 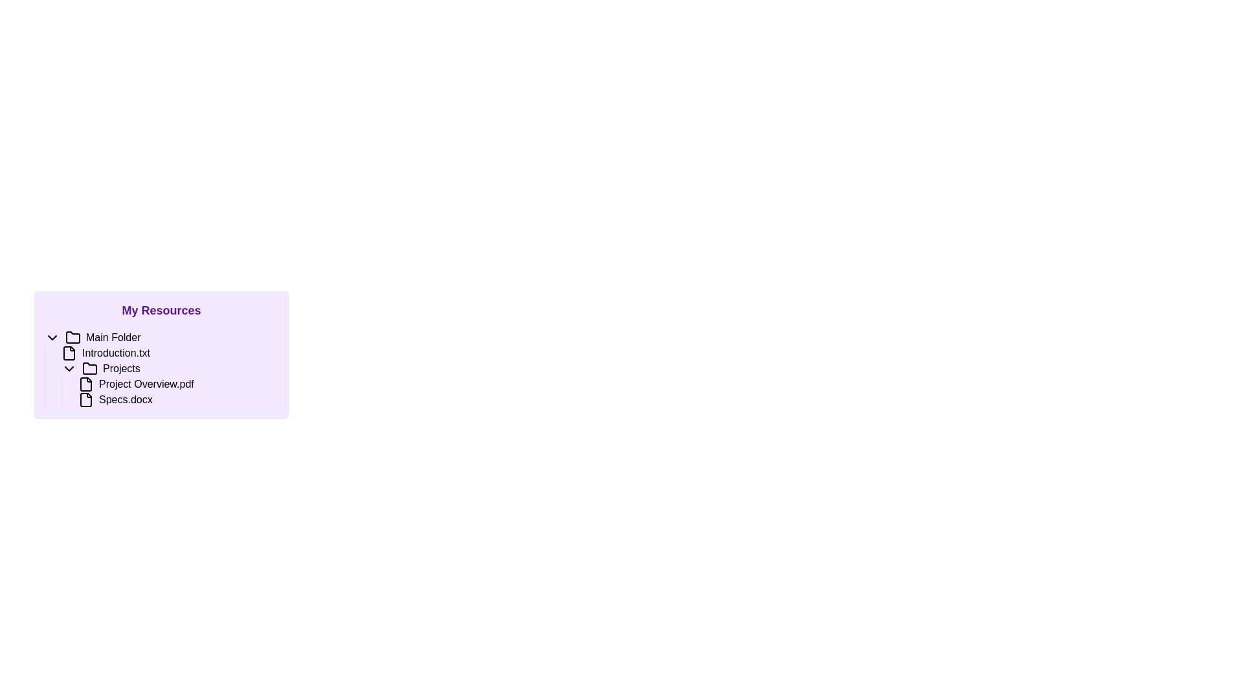 I want to click on the 'Introduction.txt' list item, which is the first item under the 'My Resources' category in the list interface, so click(x=169, y=353).